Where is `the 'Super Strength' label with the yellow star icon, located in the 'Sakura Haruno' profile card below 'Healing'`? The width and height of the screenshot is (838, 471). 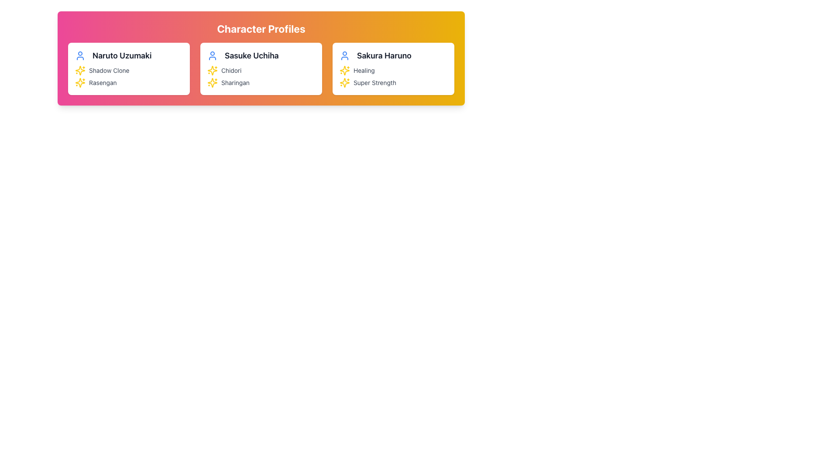
the 'Super Strength' label with the yellow star icon, located in the 'Sakura Haruno' profile card below 'Healing' is located at coordinates (393, 82).